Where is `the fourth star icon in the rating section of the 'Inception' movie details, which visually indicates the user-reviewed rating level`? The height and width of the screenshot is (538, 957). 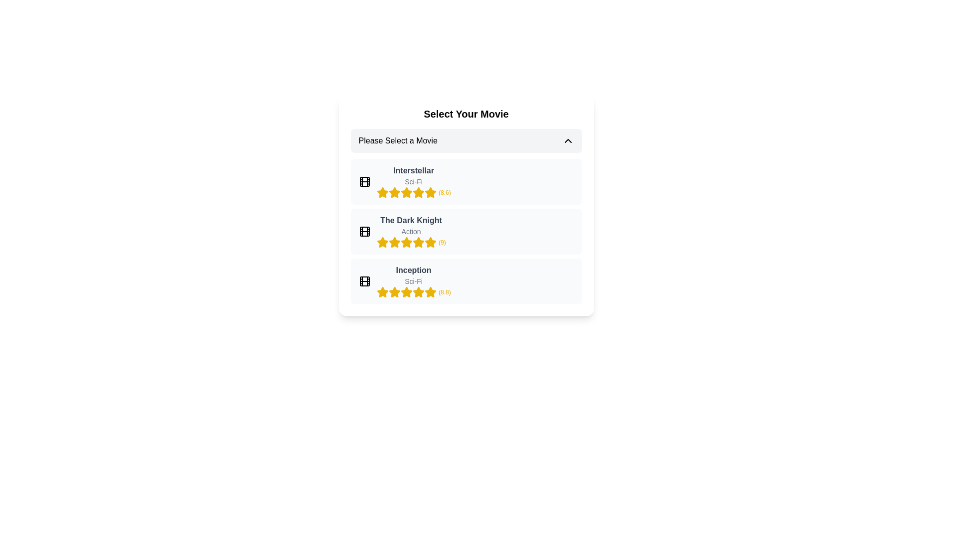
the fourth star icon in the rating section of the 'Inception' movie details, which visually indicates the user-reviewed rating level is located at coordinates (406, 291).